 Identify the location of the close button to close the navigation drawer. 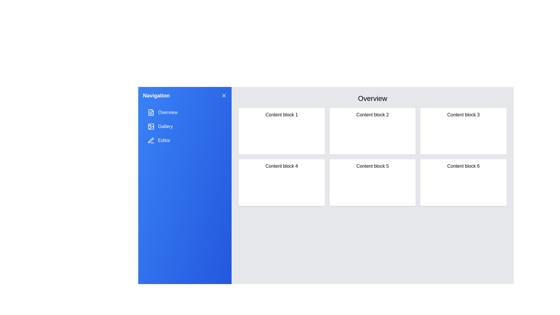
(224, 95).